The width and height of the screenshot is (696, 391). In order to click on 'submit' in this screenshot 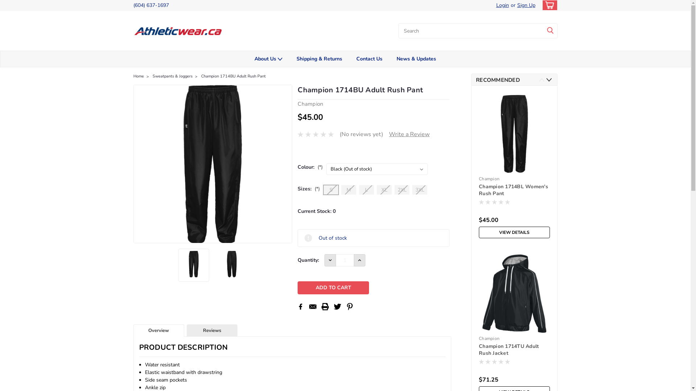, I will do `click(550, 30)`.